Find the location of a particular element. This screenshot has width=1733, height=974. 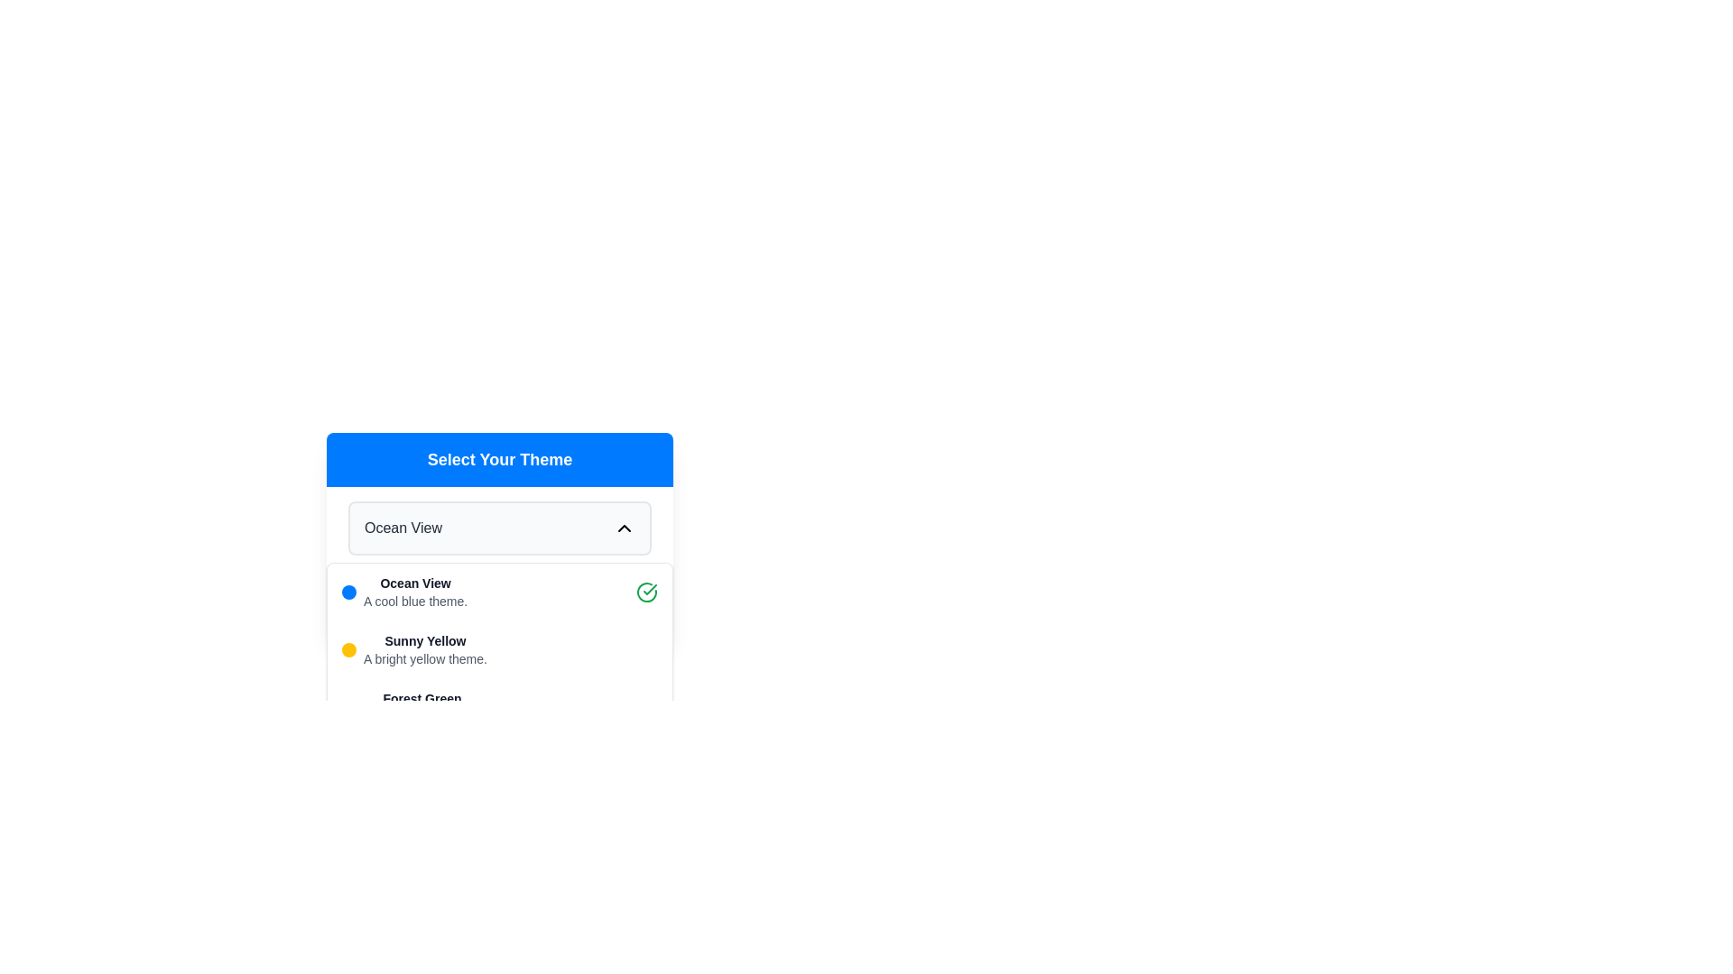

the 'Ocean View' theme icon, which is the last sibling in the theme selector dropdown, located to the far right of the text and color indicator dot is located at coordinates (646, 592).